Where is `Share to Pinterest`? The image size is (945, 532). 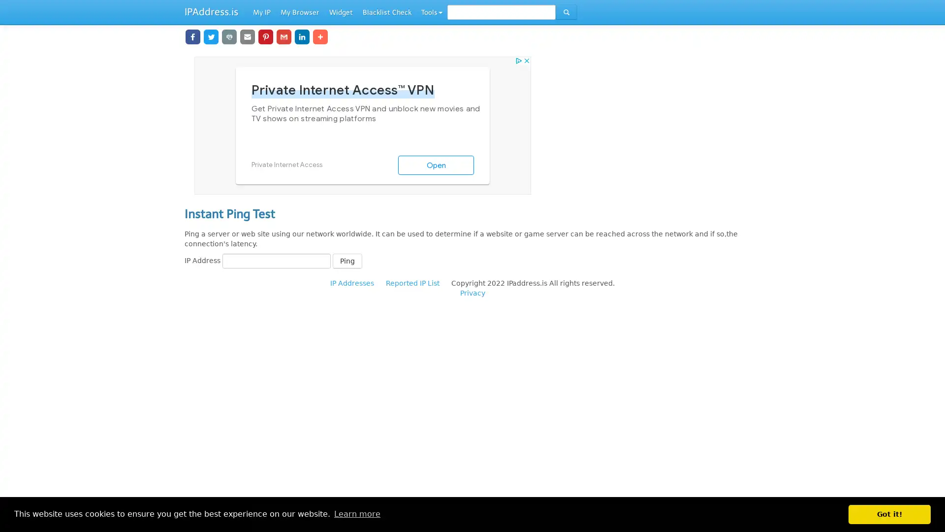
Share to Pinterest is located at coordinates (260, 36).